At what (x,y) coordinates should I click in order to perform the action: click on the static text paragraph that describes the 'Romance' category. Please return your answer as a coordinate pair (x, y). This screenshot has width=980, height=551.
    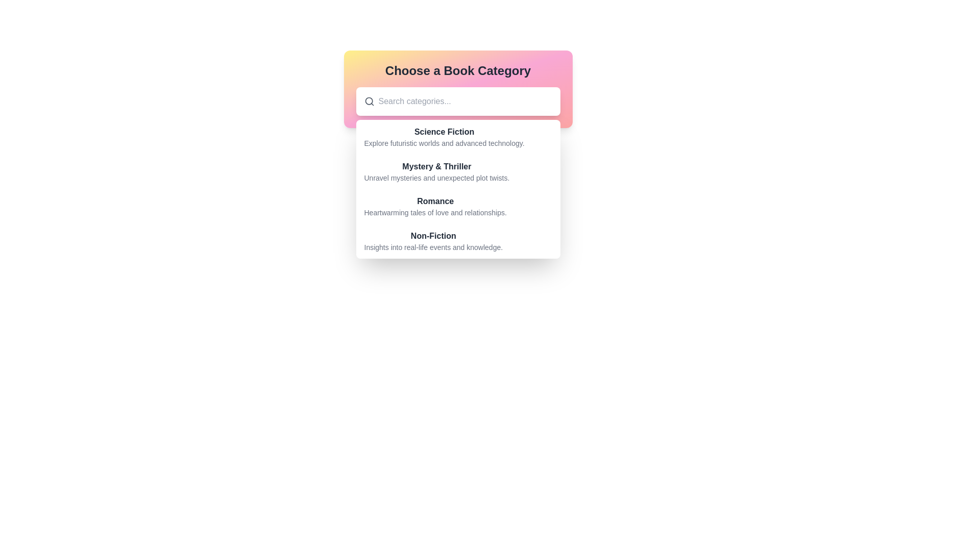
    Looking at the image, I should click on (435, 212).